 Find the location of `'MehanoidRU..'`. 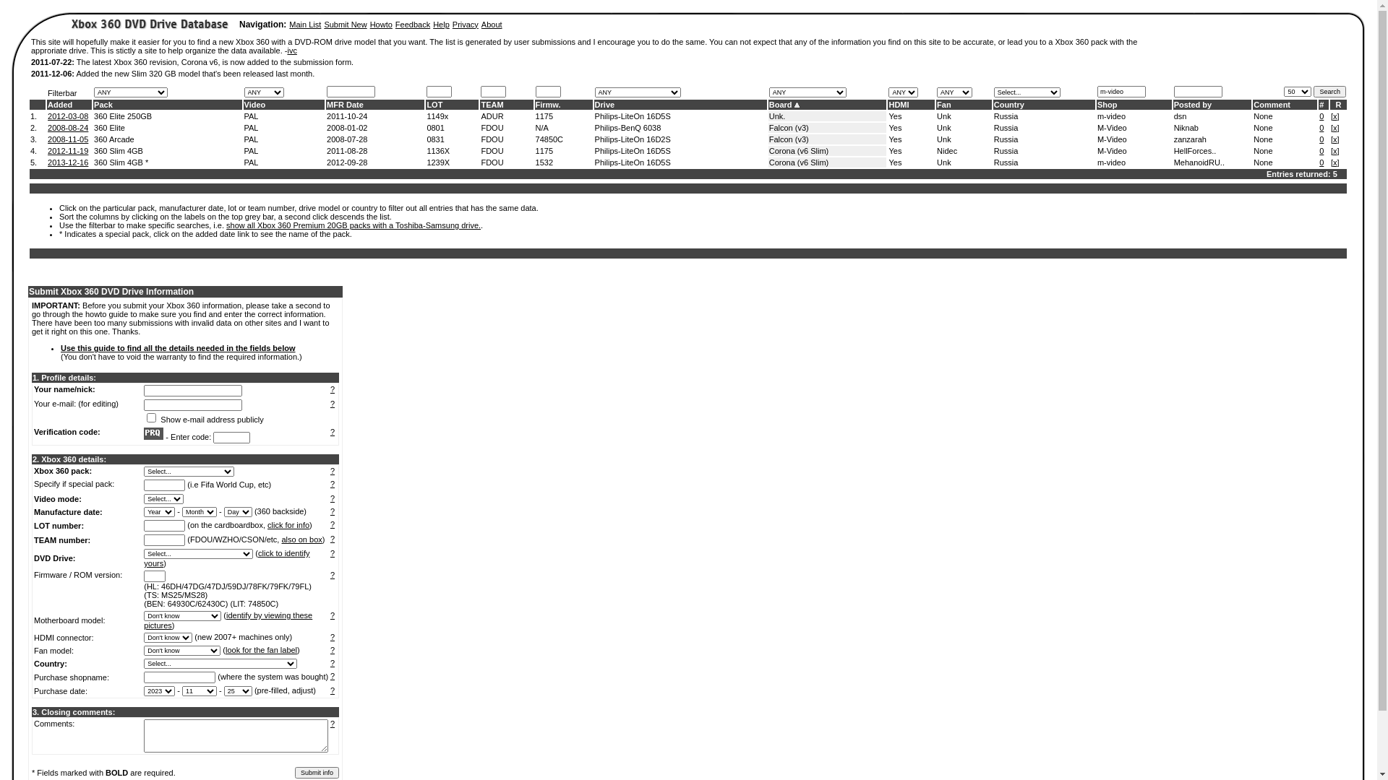

'MehanoidRU..' is located at coordinates (1173, 162).